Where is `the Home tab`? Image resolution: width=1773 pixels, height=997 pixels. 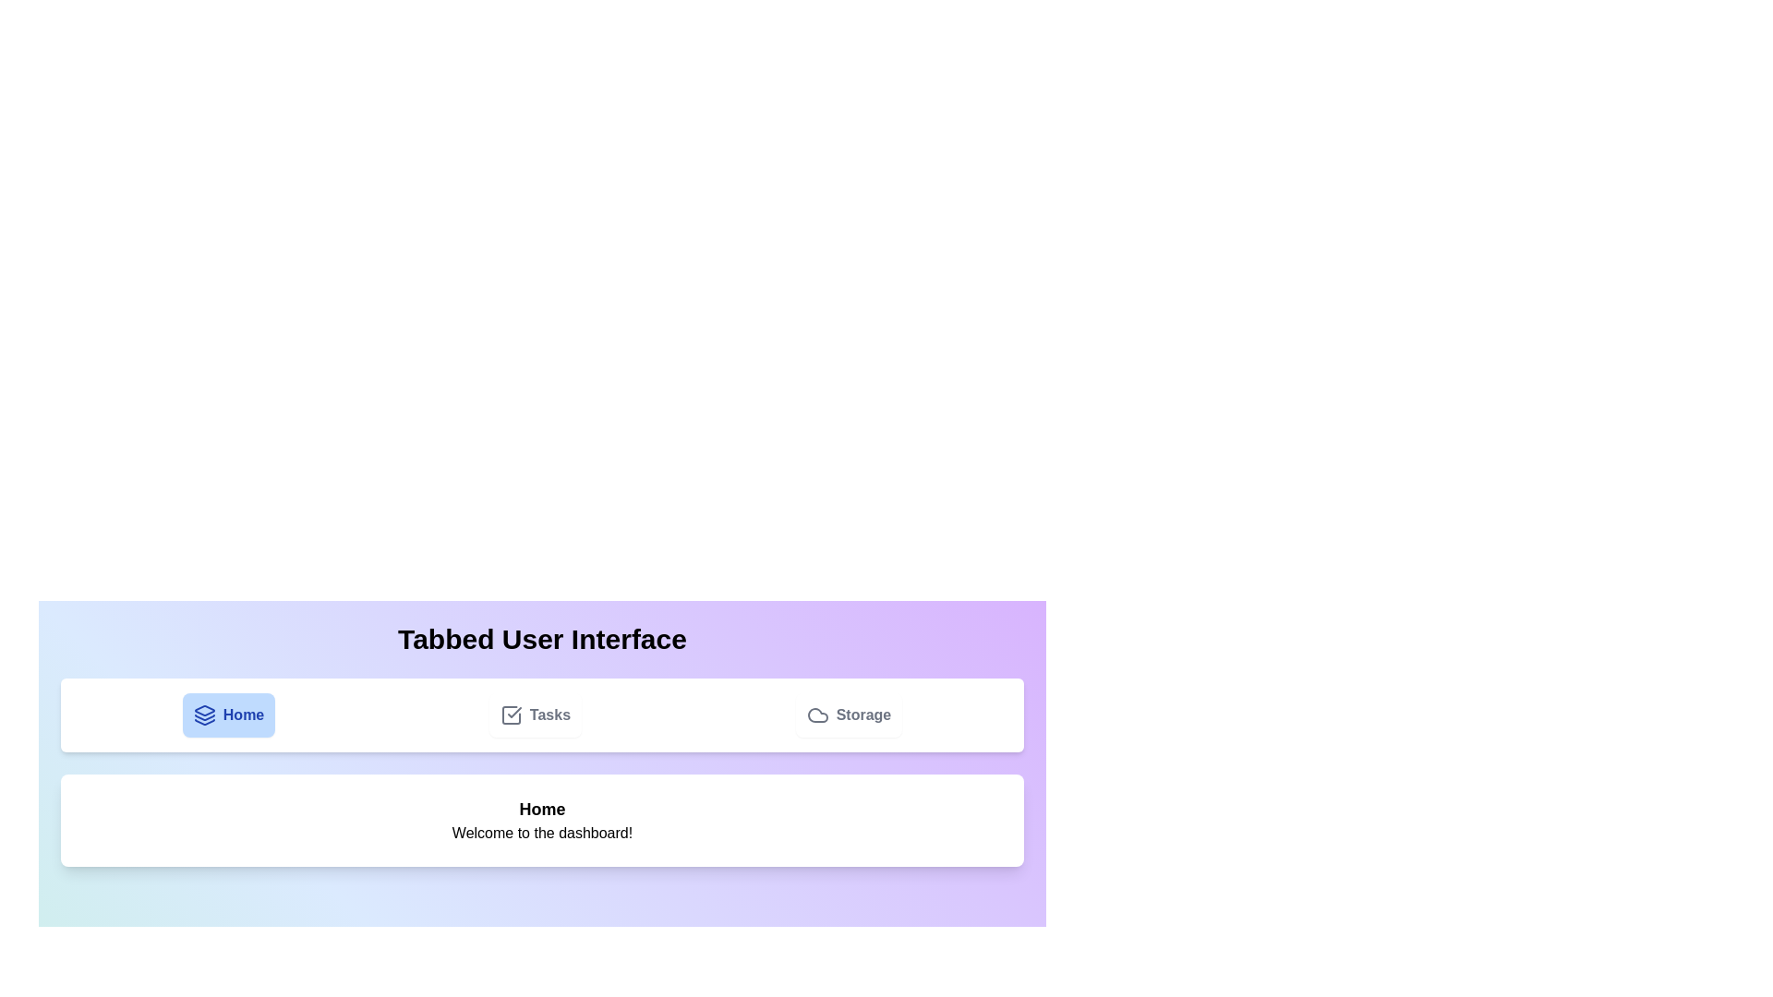 the Home tab is located at coordinates (228, 715).